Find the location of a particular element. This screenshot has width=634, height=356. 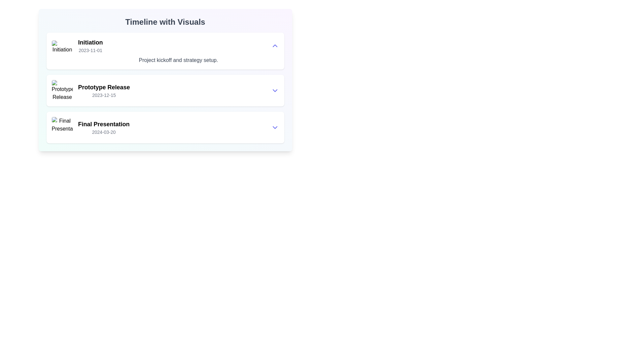

the heading text label 'Timeline with Visuals' for accessibility navigation is located at coordinates (165, 21).